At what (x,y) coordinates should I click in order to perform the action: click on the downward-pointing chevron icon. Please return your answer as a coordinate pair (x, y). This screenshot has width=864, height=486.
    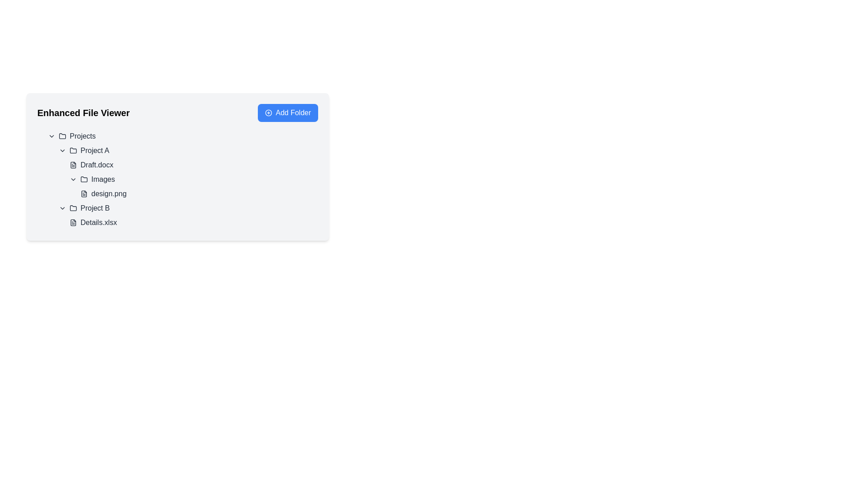
    Looking at the image, I should click on (62, 208).